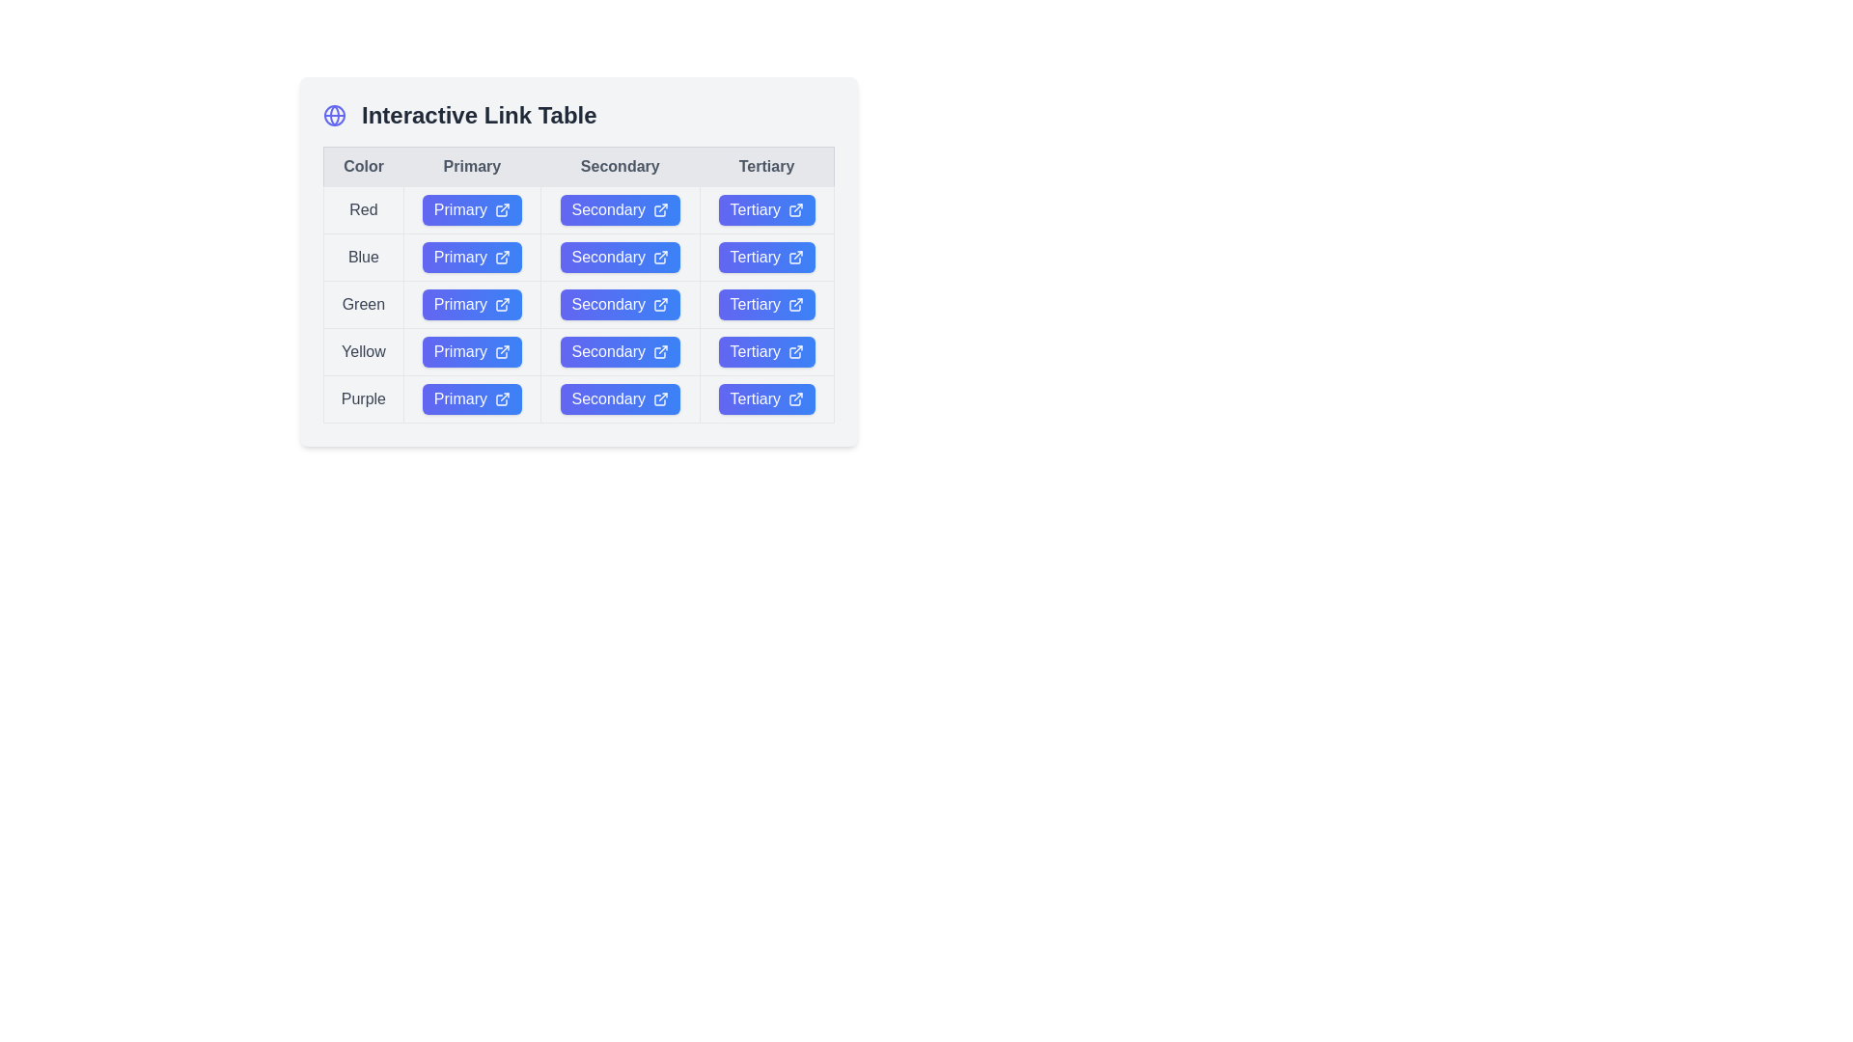 This screenshot has height=1042, width=1853. Describe the element at coordinates (660, 399) in the screenshot. I see `the SVG Icon that resembles a box or window with an arrow, located in the last row labeled 'Purple' of the 'Interactive Link Table,' adjacent to the 'Secondary' button` at that location.